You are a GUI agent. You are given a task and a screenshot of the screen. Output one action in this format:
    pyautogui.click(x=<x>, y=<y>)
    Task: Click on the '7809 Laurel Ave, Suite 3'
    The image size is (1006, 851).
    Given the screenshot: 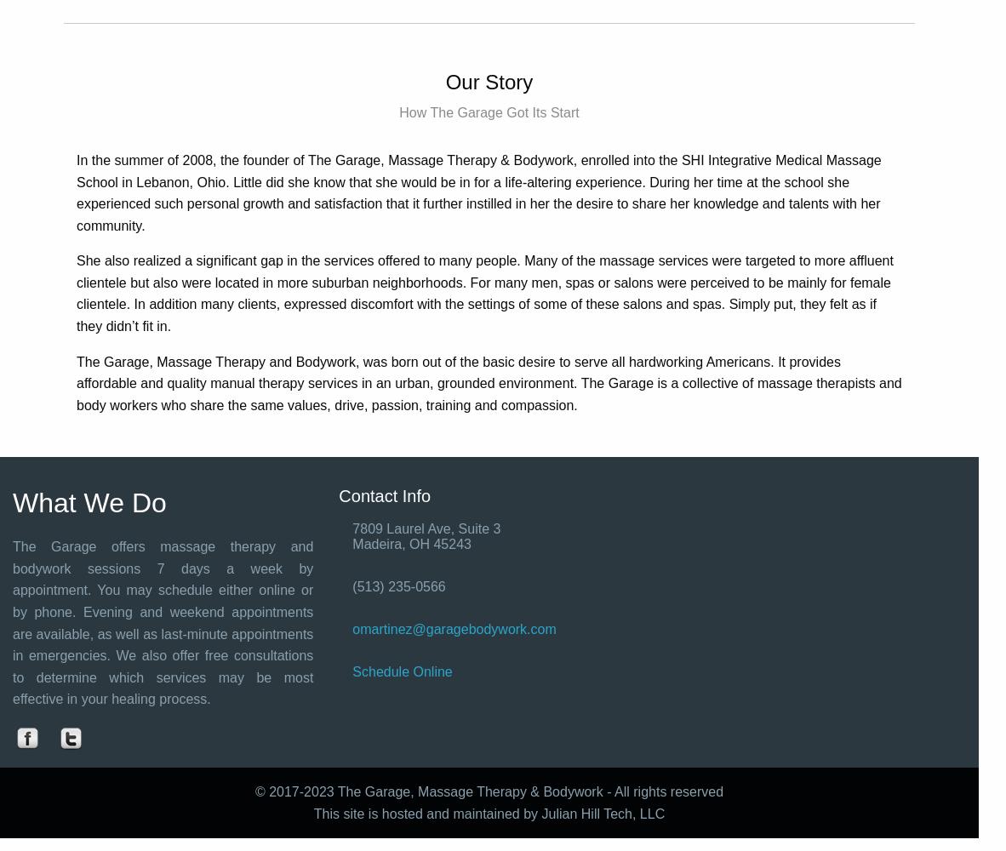 What is the action you would take?
    pyautogui.click(x=426, y=528)
    